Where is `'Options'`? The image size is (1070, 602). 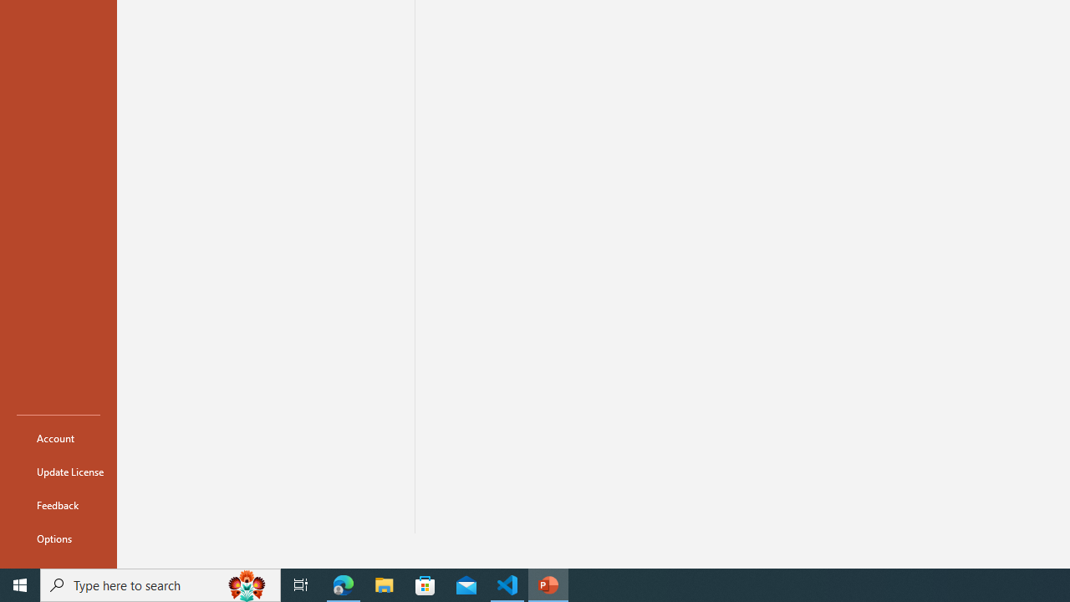 'Options' is located at coordinates (58, 538).